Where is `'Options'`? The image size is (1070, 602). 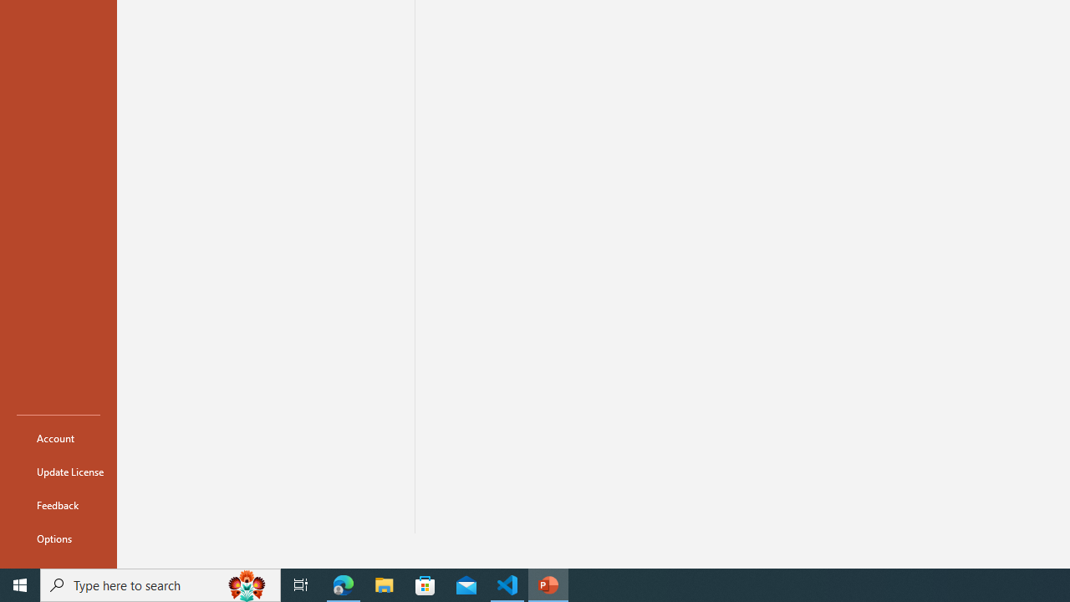 'Options' is located at coordinates (58, 538).